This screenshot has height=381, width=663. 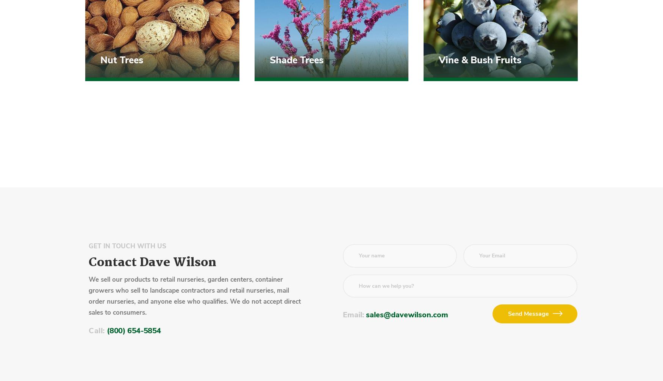 What do you see at coordinates (354, 249) in the screenshot?
I see `'Resources & Community'` at bounding box center [354, 249].